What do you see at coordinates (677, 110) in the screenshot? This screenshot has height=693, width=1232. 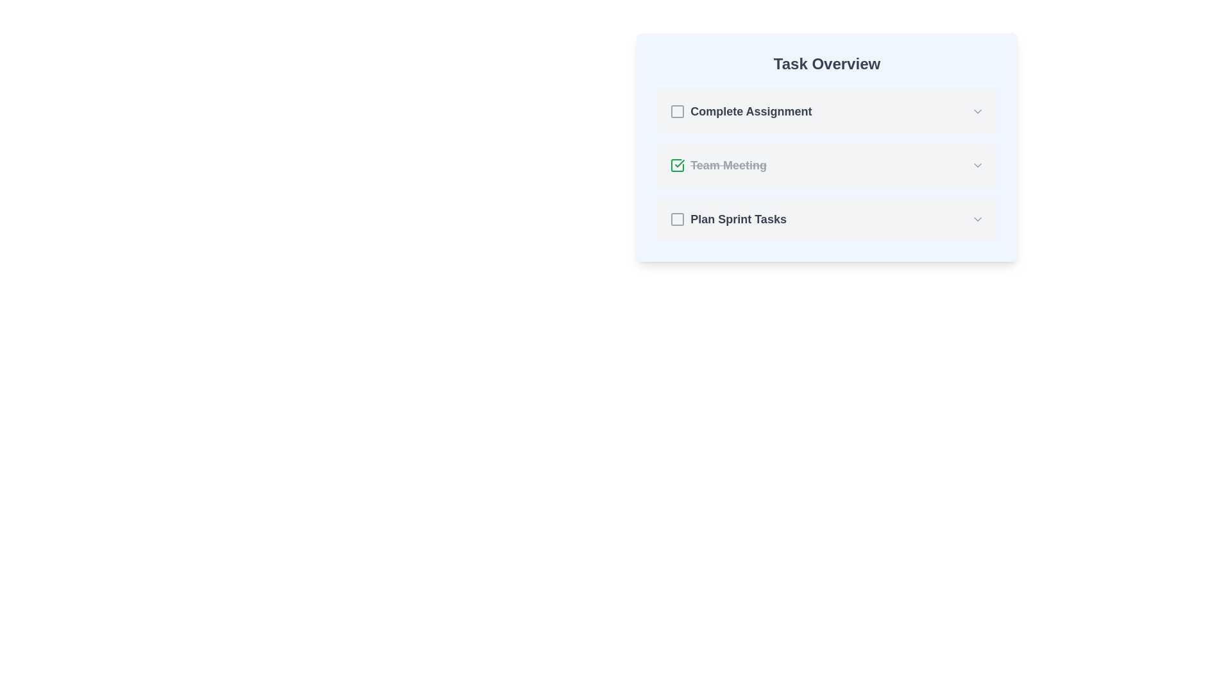 I see `the checkbox represented by an outlined square icon with a thin gray border, located in the first row under 'Task Overview' adjacent to 'Complete Assignment'` at bounding box center [677, 110].